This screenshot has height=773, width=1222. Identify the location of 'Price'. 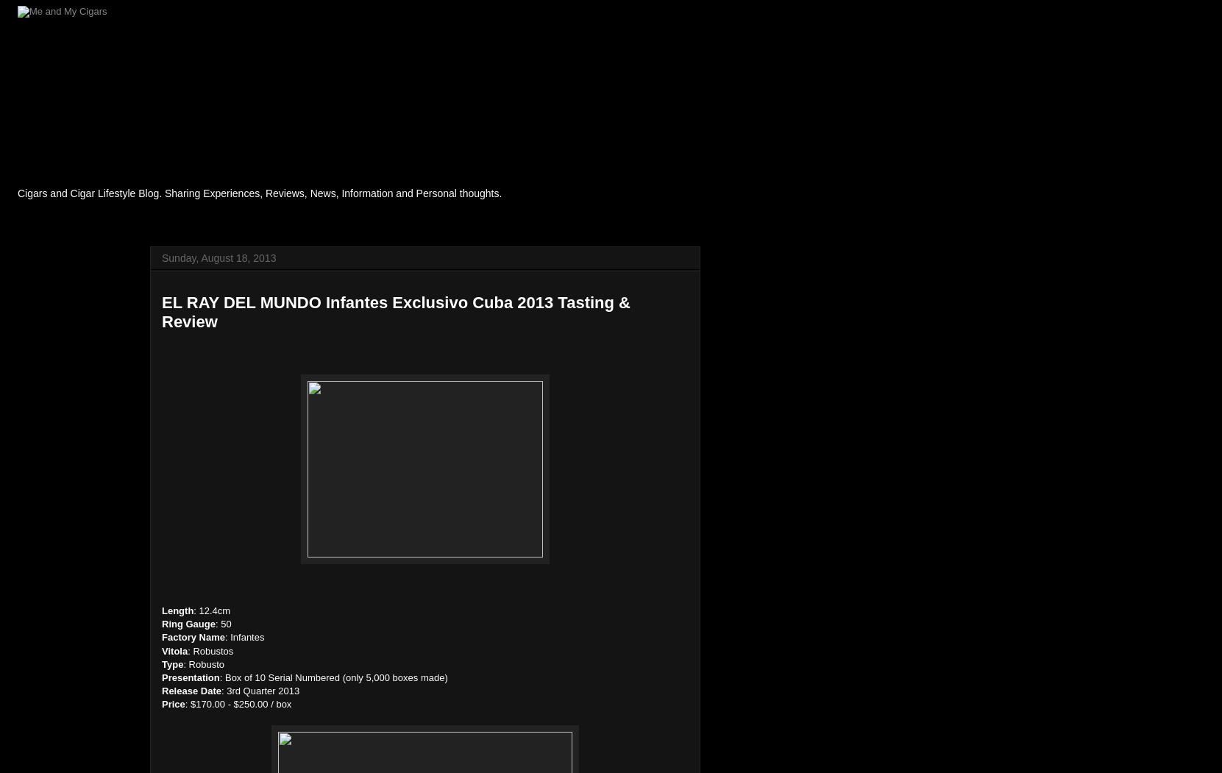
(172, 703).